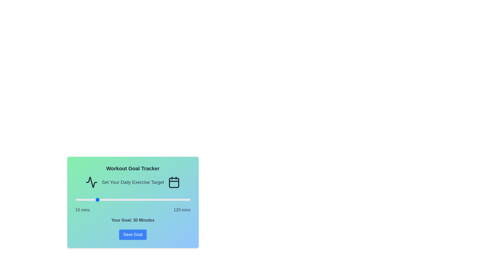 This screenshot has height=277, width=493. Describe the element at coordinates (148, 200) in the screenshot. I see `the workout goal slider to set the goal to 80 minutes` at that location.